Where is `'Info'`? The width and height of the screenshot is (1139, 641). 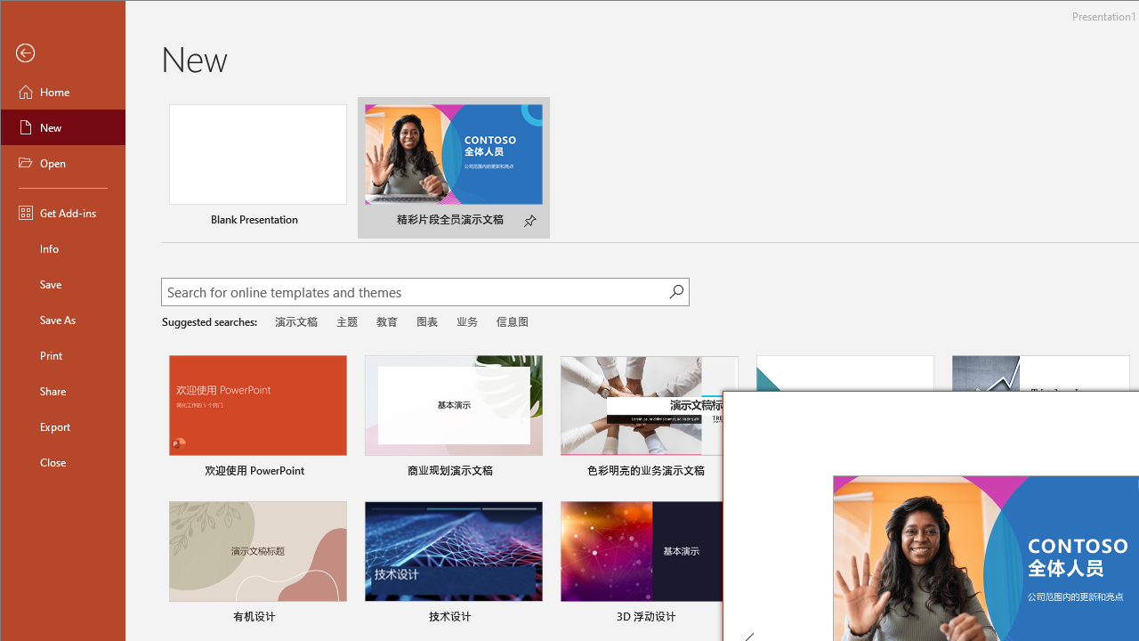
'Info' is located at coordinates (63, 248).